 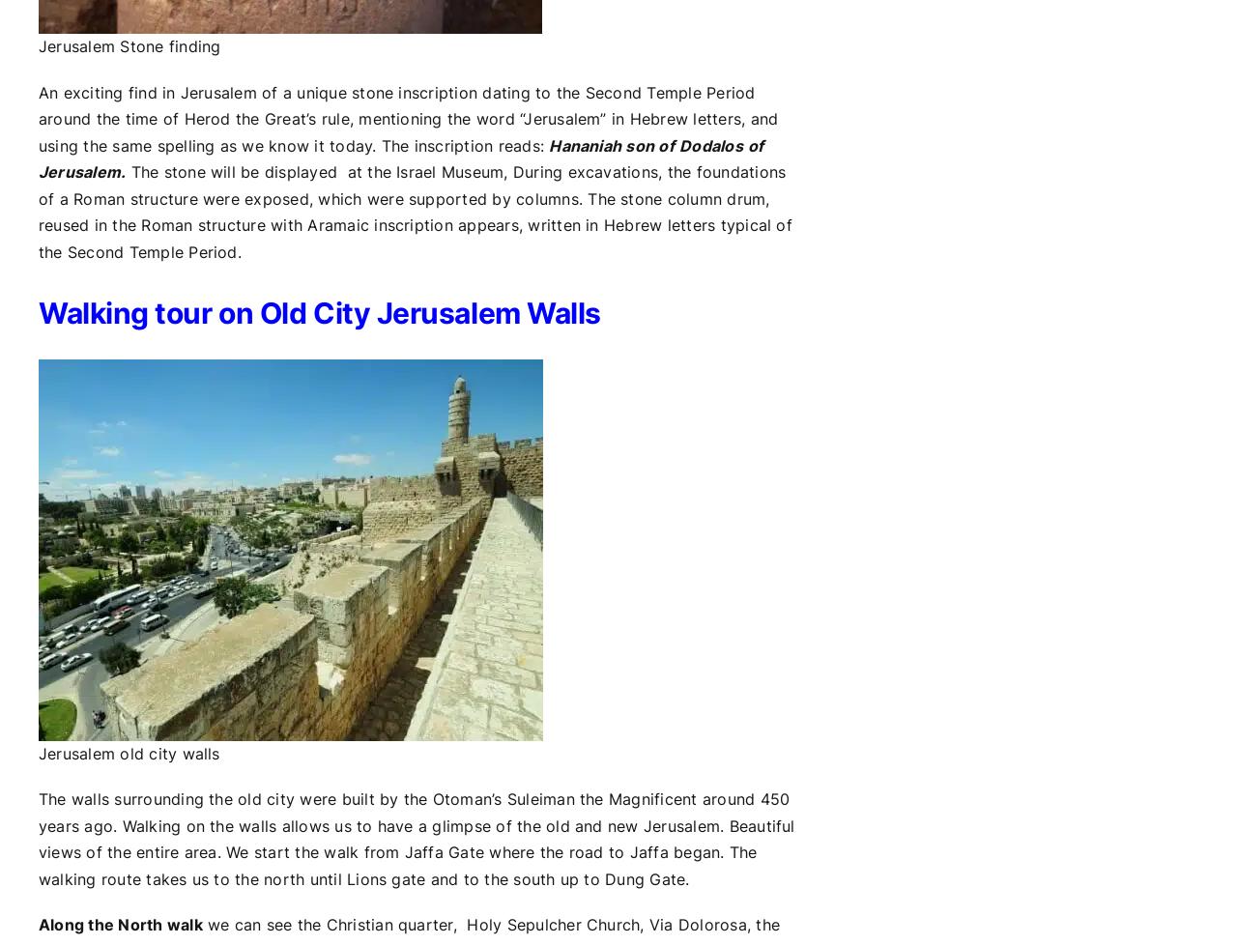 What do you see at coordinates (38, 46) in the screenshot?
I see `'Jerusalem Stone finding'` at bounding box center [38, 46].